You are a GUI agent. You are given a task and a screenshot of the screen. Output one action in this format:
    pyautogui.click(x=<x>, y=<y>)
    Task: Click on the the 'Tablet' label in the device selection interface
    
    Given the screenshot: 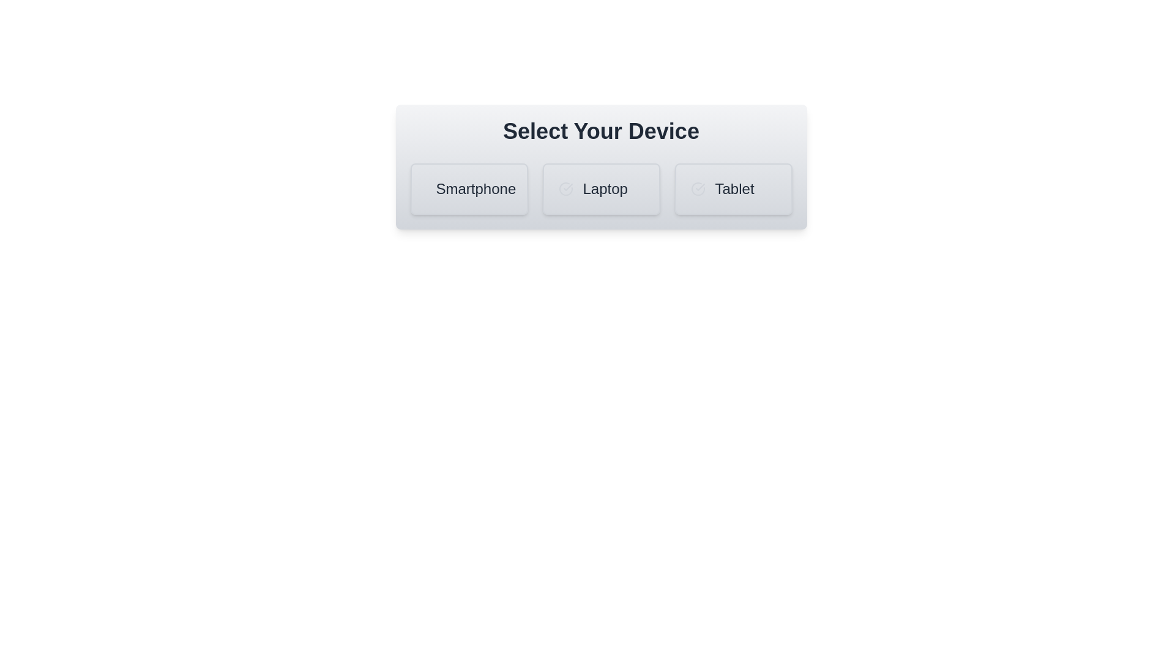 What is the action you would take?
    pyautogui.click(x=733, y=189)
    